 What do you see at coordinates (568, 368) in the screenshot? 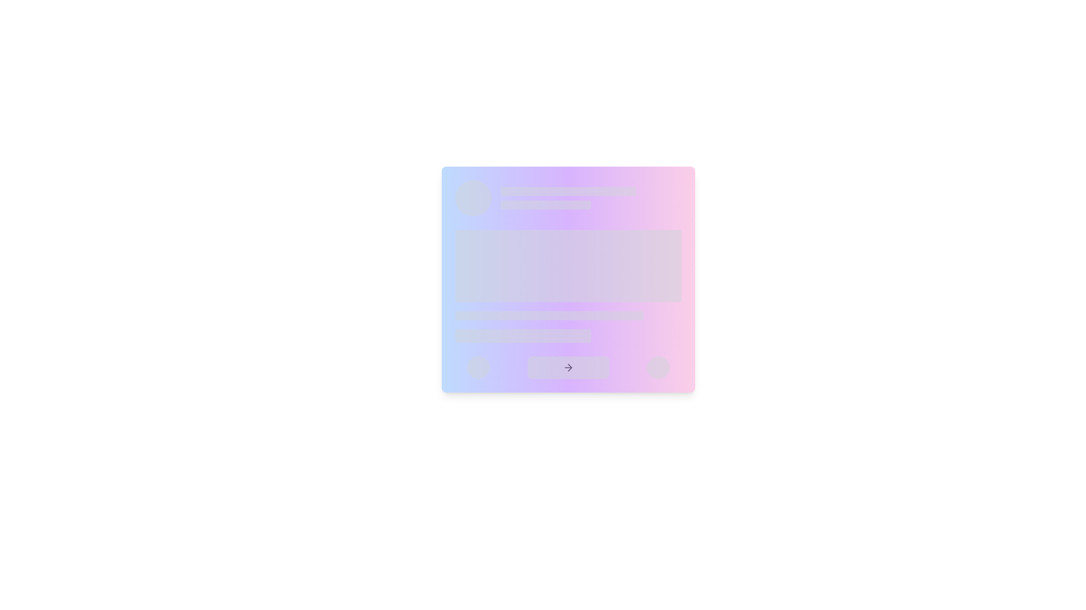
I see `the navigation button located at the bottom of the user interface, positioned between two circular buttons` at bounding box center [568, 368].